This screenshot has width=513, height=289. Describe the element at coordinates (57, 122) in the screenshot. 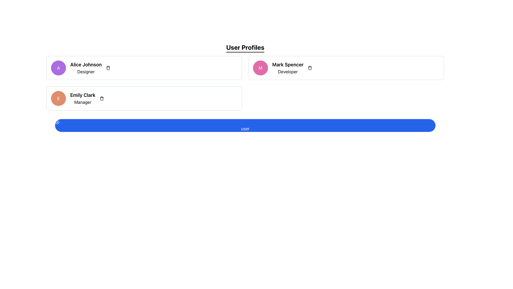

I see `the circle-plus icon located at the far-left end of the blue button labeled 'user'` at that location.